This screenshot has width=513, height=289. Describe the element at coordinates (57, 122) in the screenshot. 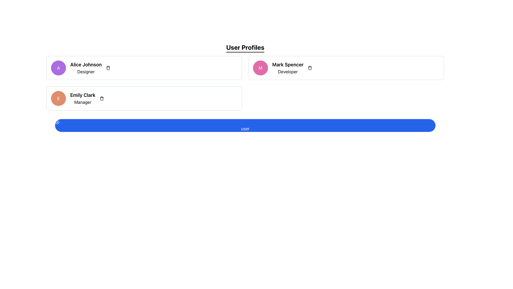

I see `the circle-plus icon located at the far-left end of the blue button labeled 'user'` at that location.